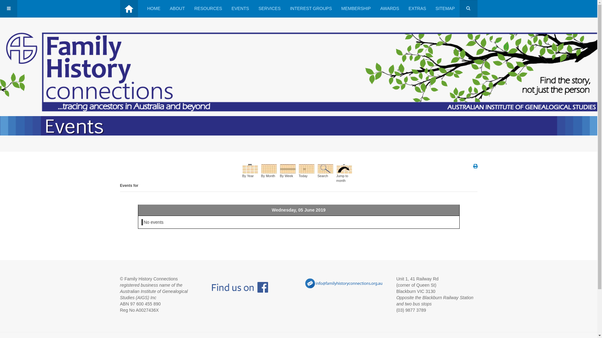 This screenshot has height=338, width=602. What do you see at coordinates (147, 8) in the screenshot?
I see `'HOME'` at bounding box center [147, 8].